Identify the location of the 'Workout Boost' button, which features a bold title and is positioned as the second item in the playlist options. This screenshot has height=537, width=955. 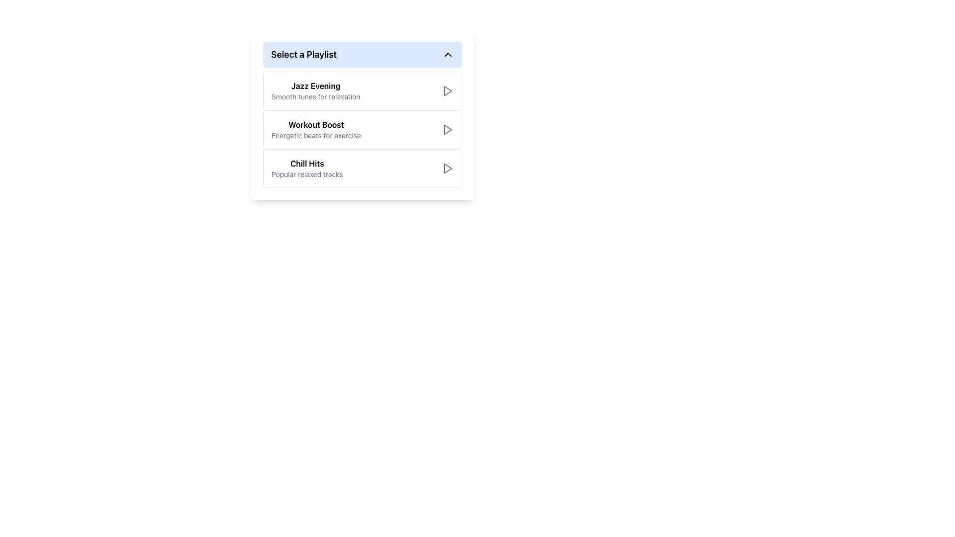
(362, 129).